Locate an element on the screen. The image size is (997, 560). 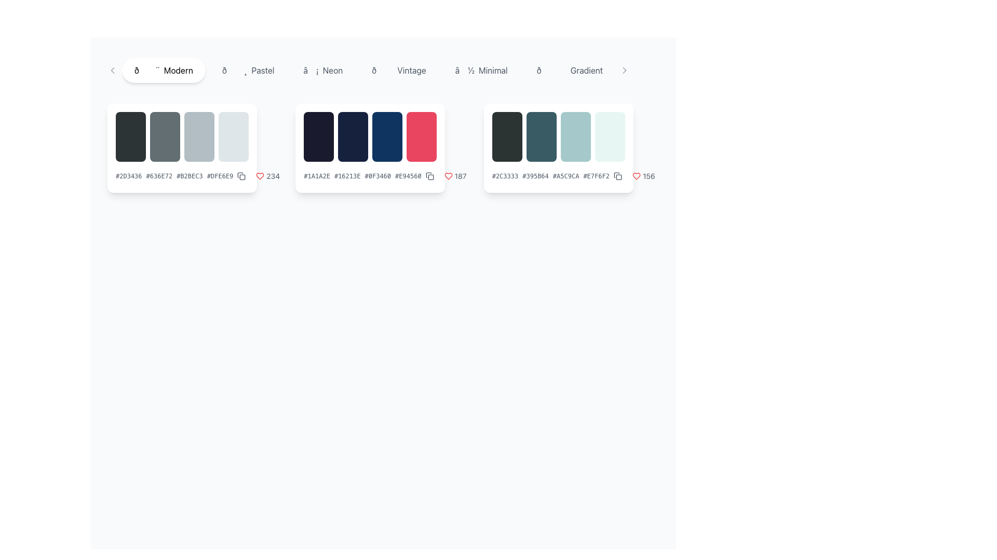
the specific tag in the horizontal Navigation bar, which contains emoji characters and is styled with rounded borders and a light background is located at coordinates (369, 70).